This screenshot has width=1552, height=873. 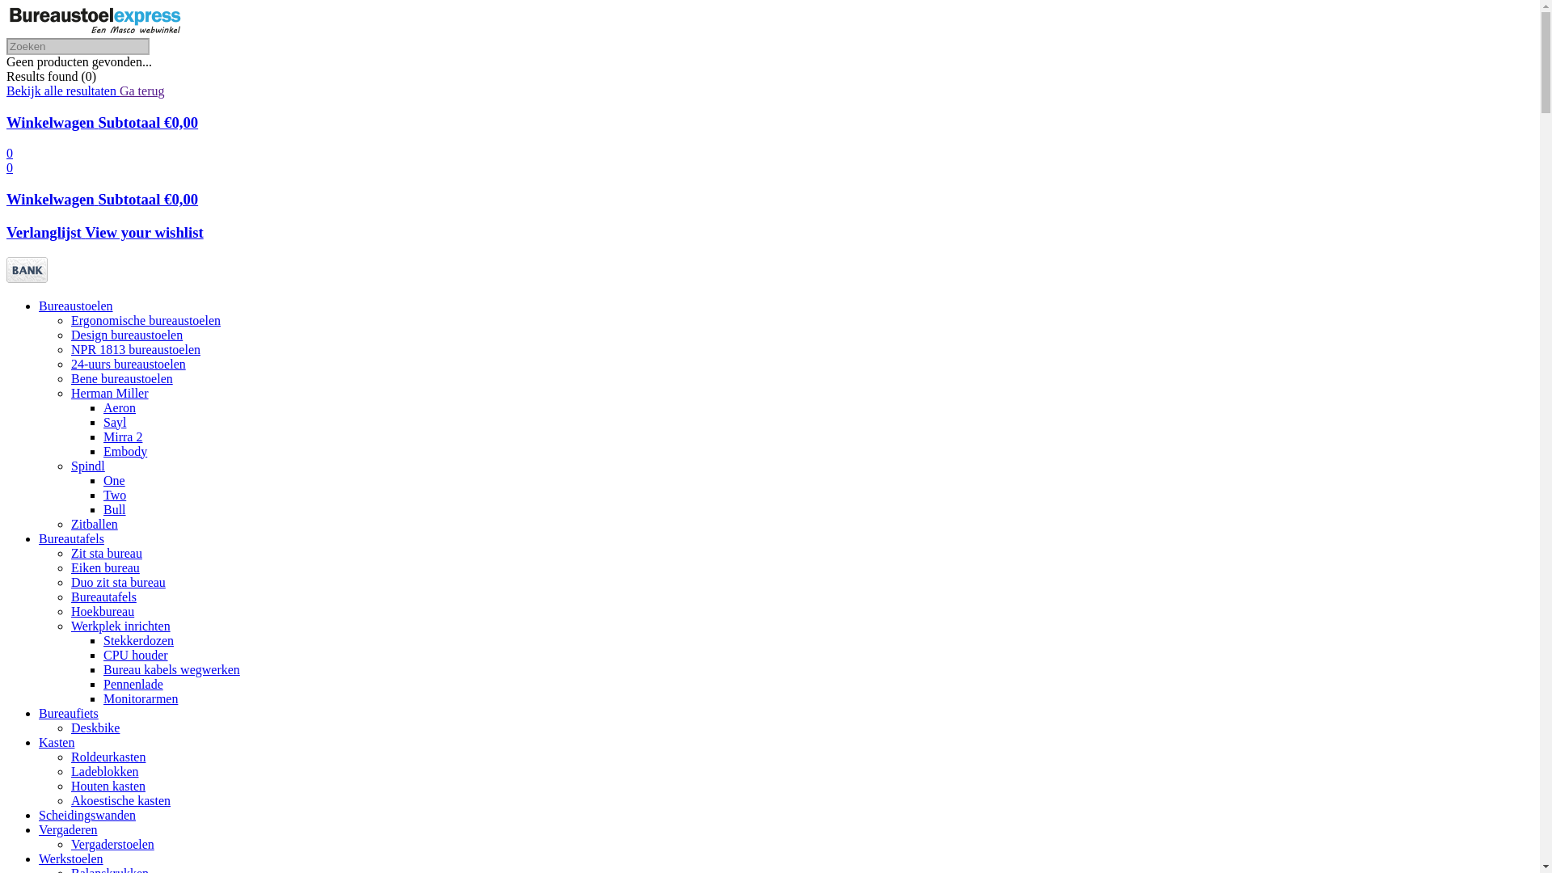 What do you see at coordinates (103, 232) in the screenshot?
I see `'Verlanglijst View your wishlist'` at bounding box center [103, 232].